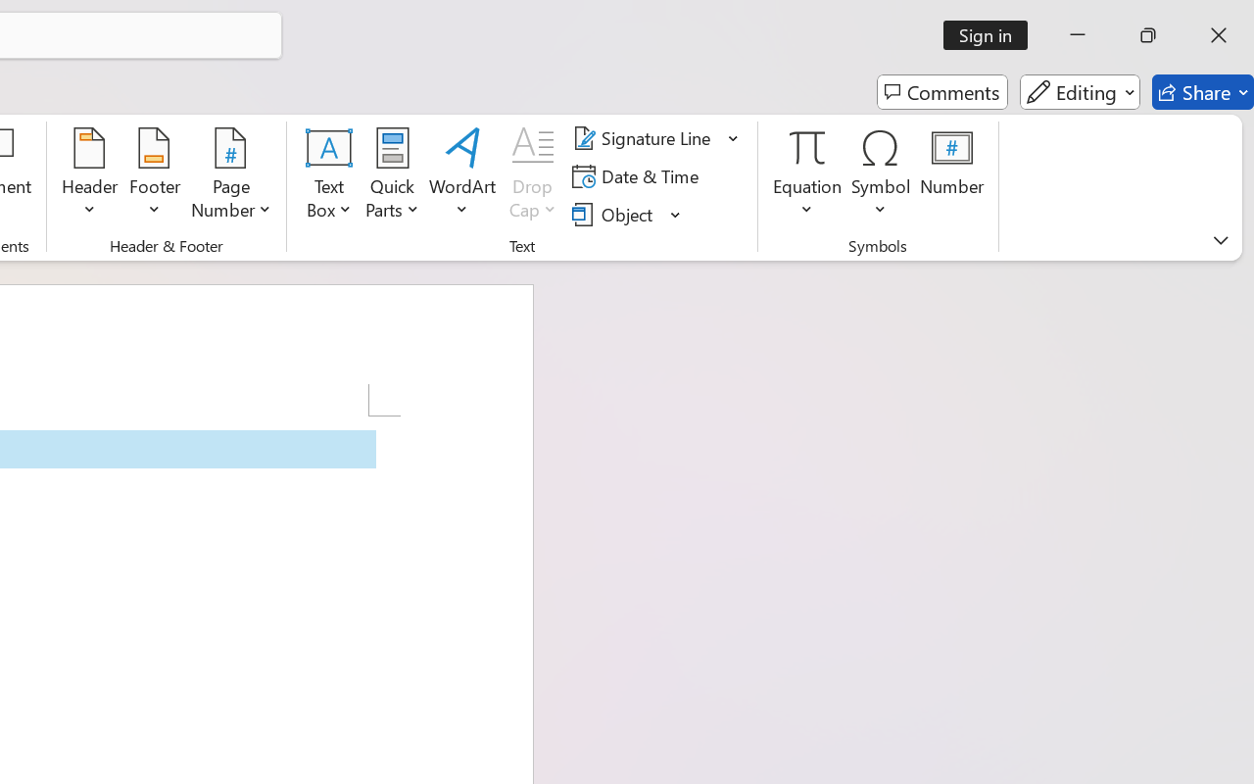  What do you see at coordinates (880, 175) in the screenshot?
I see `'Symbol'` at bounding box center [880, 175].